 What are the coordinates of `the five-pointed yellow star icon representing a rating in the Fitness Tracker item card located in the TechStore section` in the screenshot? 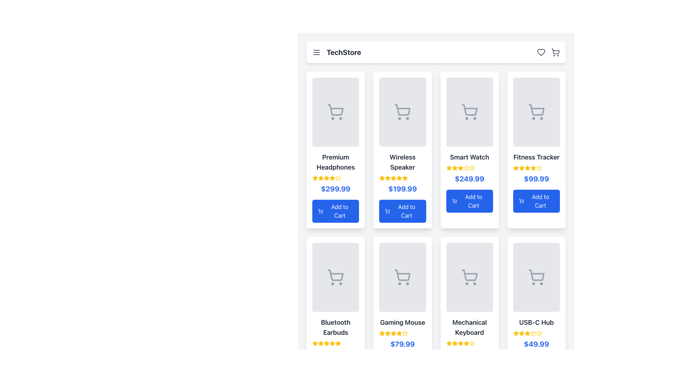 It's located at (527, 168).